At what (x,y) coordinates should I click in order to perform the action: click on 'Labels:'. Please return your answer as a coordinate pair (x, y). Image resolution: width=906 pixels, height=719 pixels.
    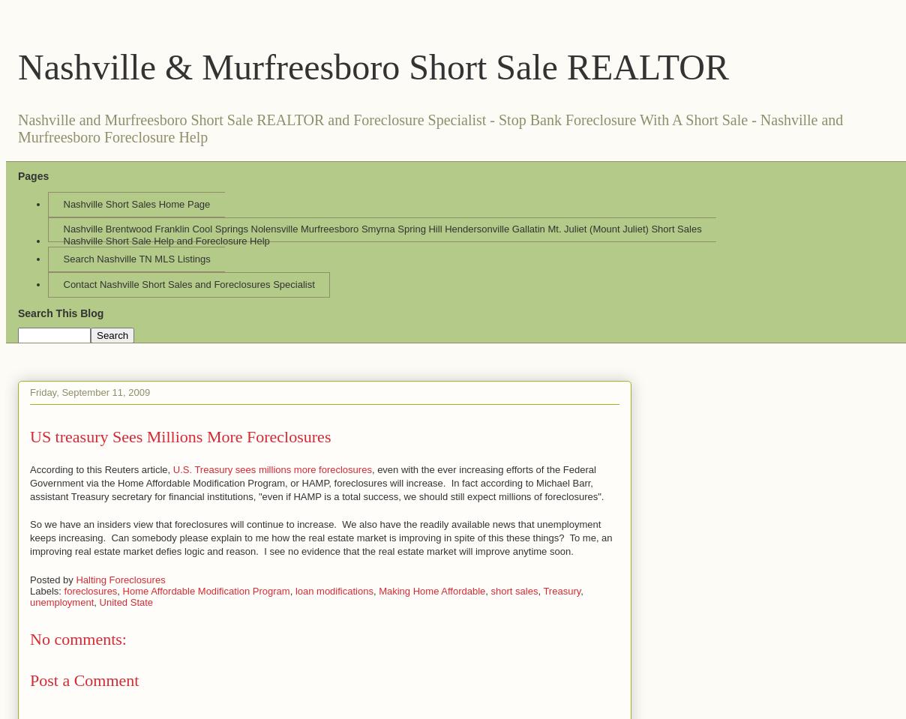
    Looking at the image, I should click on (46, 590).